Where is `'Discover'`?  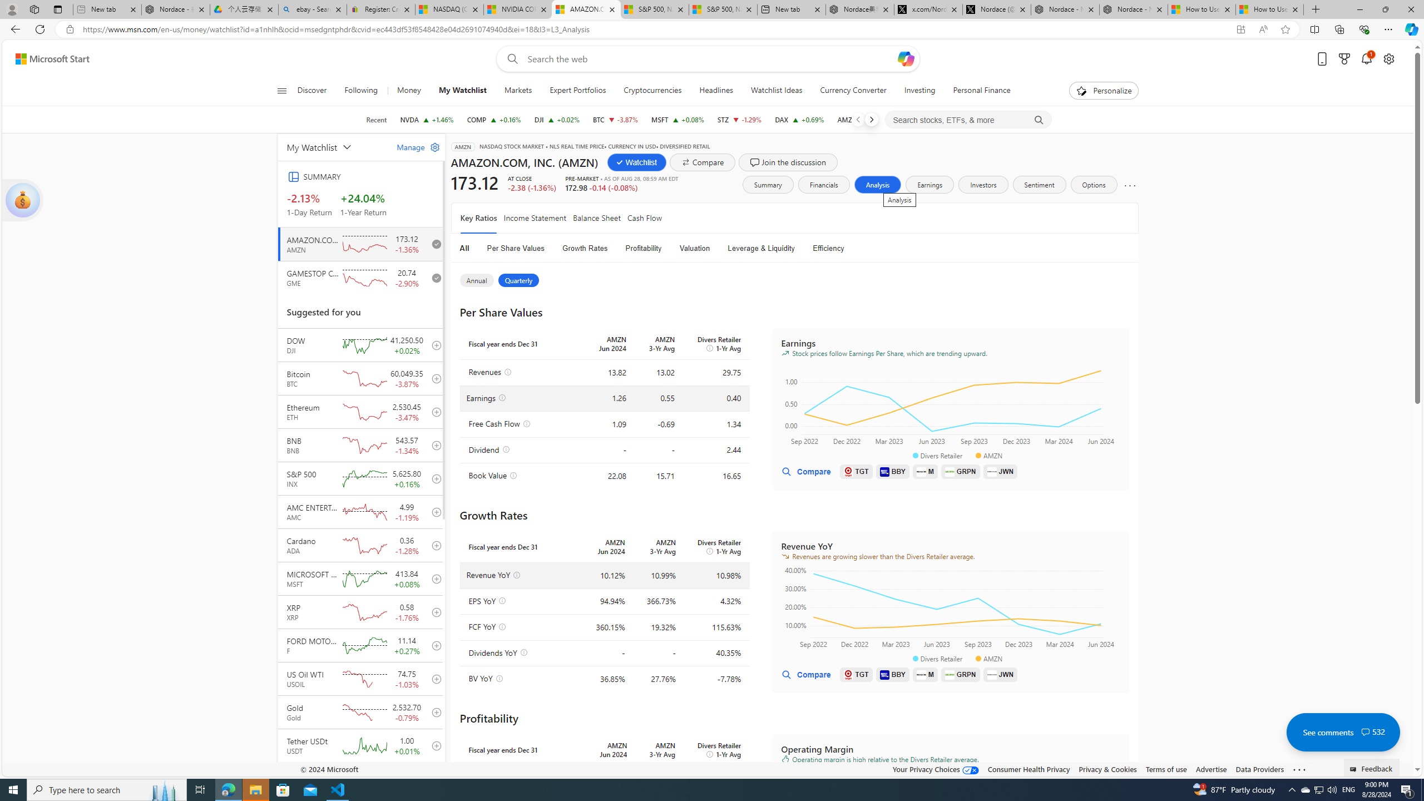 'Discover' is located at coordinates (316, 90).